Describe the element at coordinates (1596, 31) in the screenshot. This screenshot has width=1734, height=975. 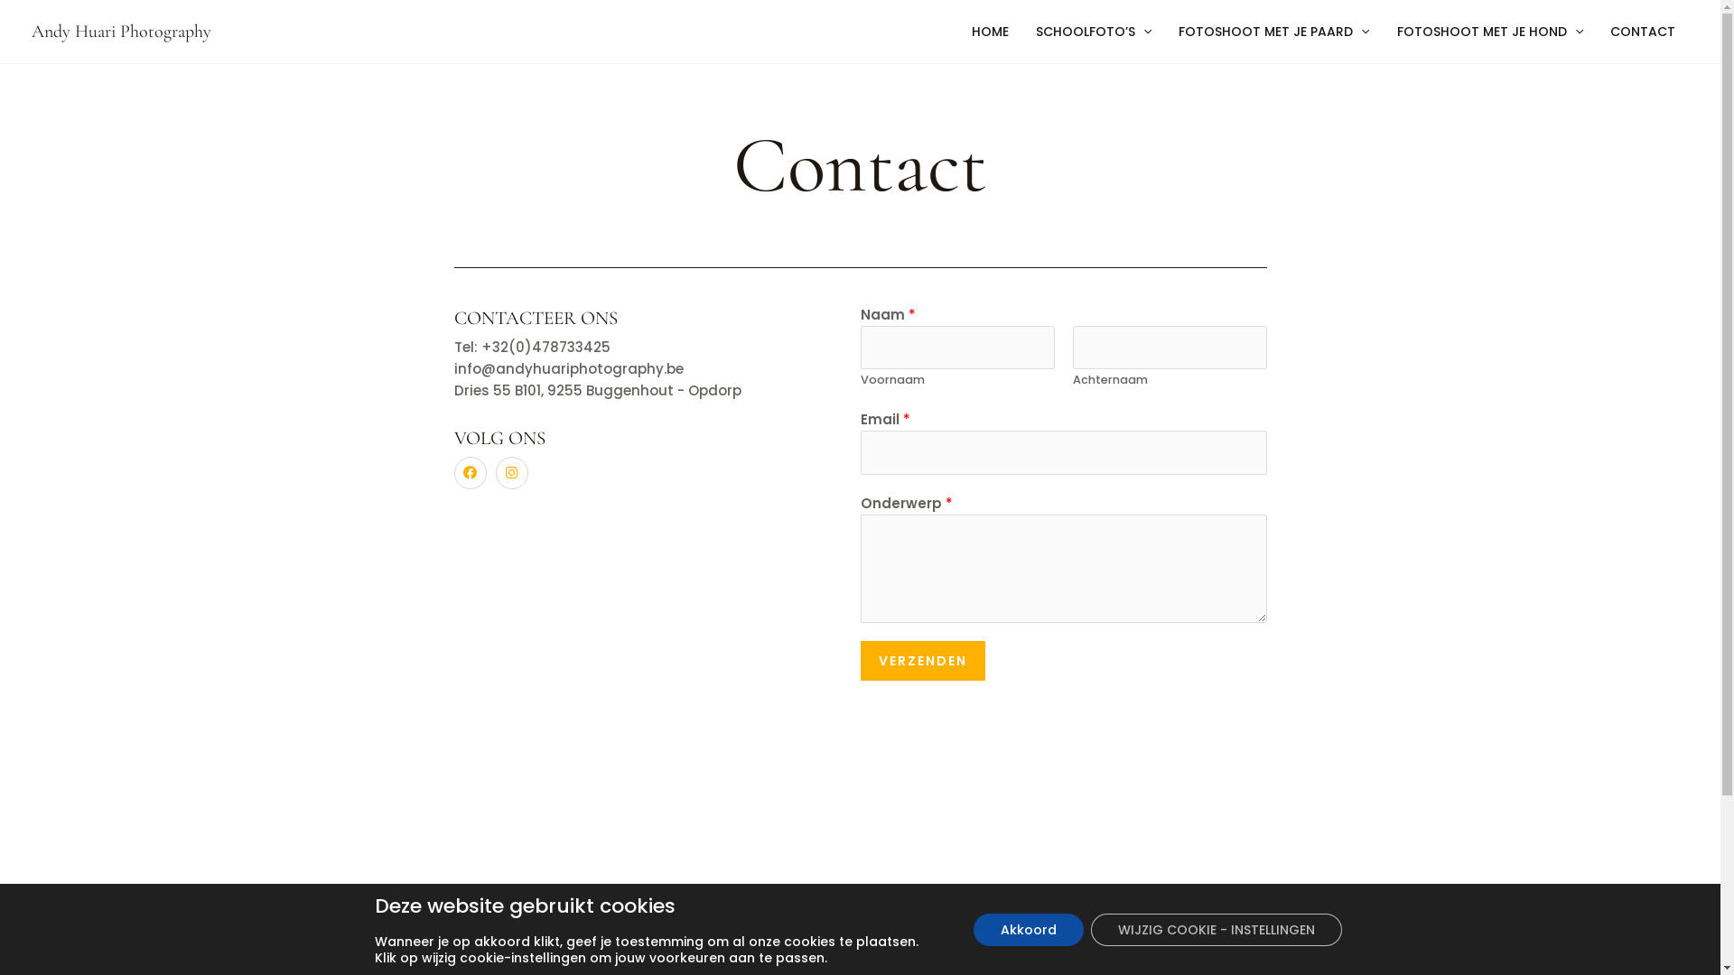
I see `'CONTACT'` at that location.